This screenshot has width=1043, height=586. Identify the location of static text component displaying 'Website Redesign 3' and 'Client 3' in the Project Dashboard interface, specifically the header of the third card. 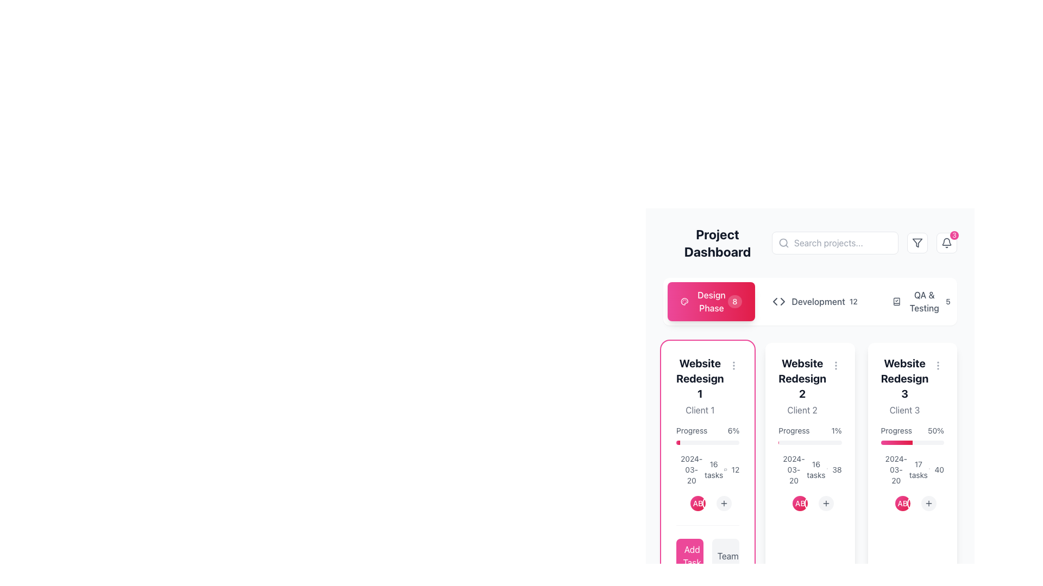
(912, 386).